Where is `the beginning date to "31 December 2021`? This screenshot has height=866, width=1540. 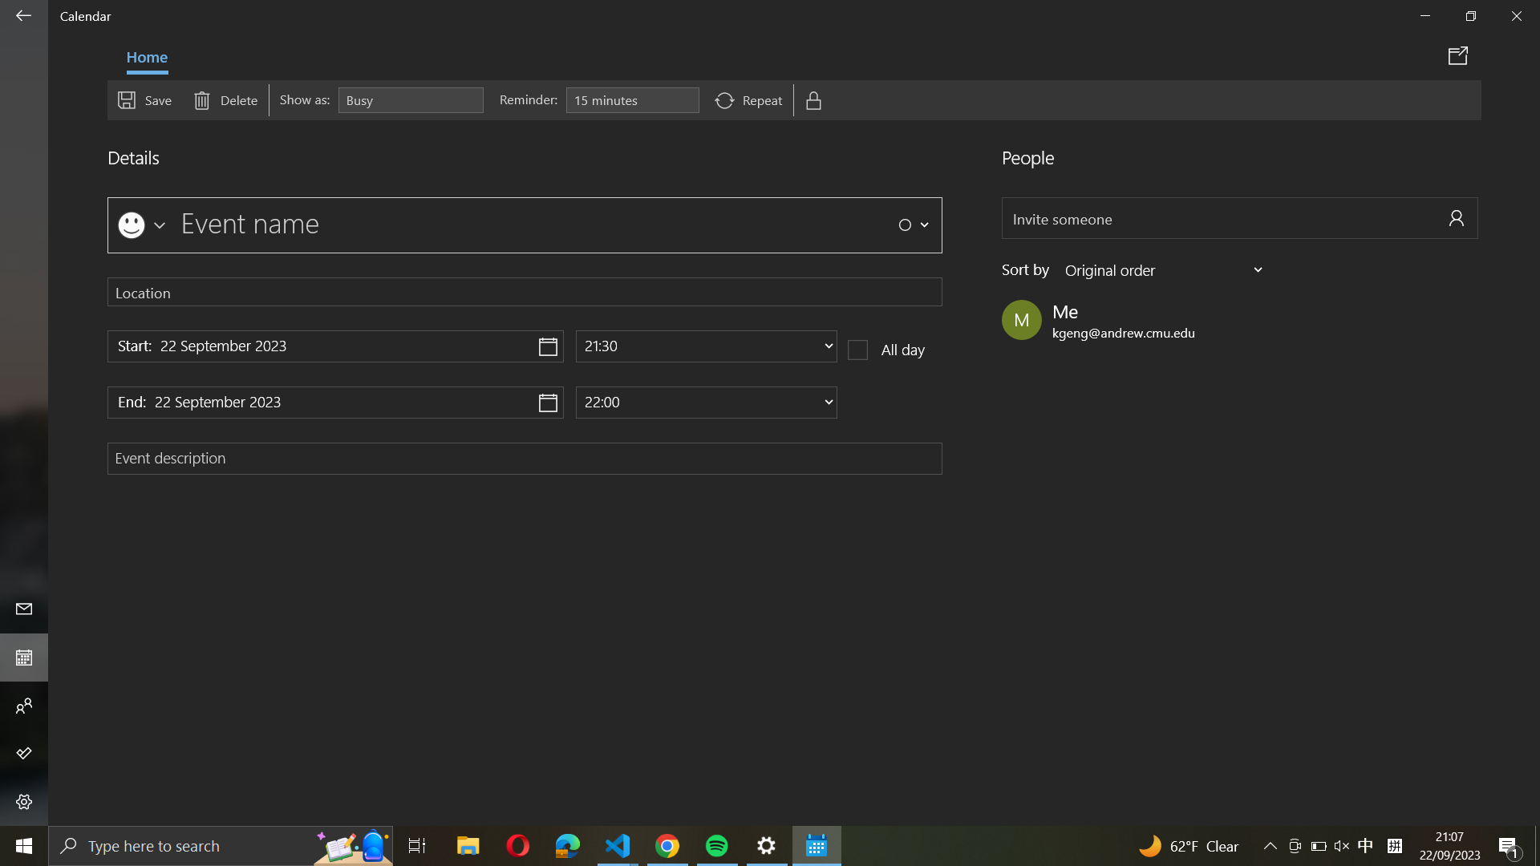
the beginning date to "31 December 2021 is located at coordinates (334, 346).